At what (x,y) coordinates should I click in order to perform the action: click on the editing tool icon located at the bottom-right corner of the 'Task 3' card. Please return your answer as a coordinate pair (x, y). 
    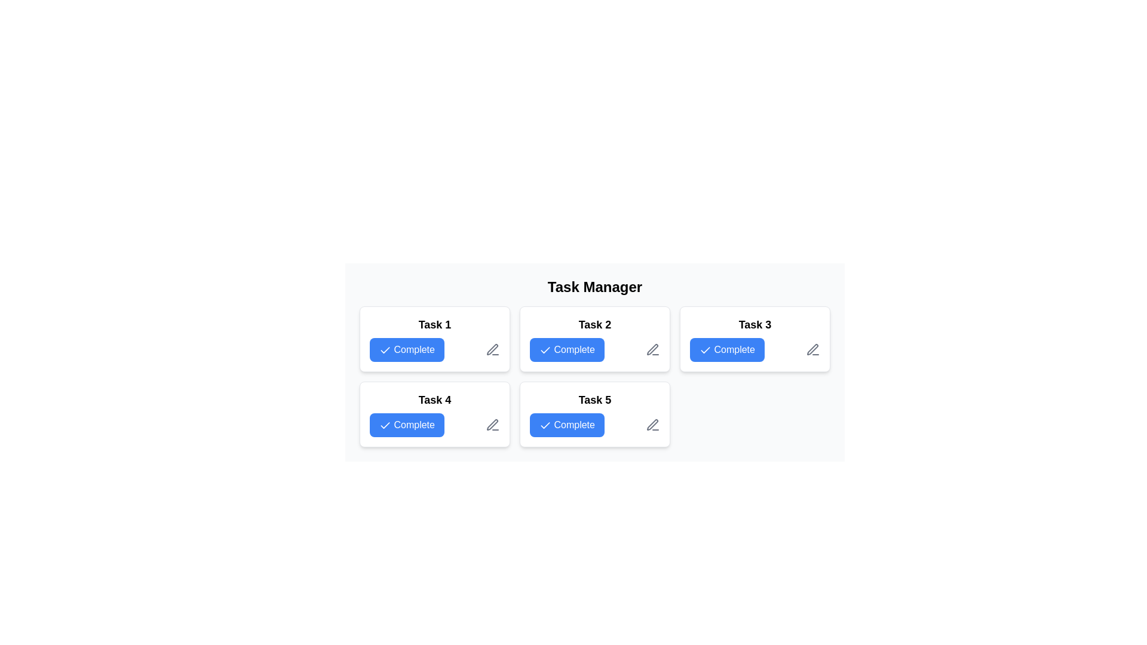
    Looking at the image, I should click on (812, 349).